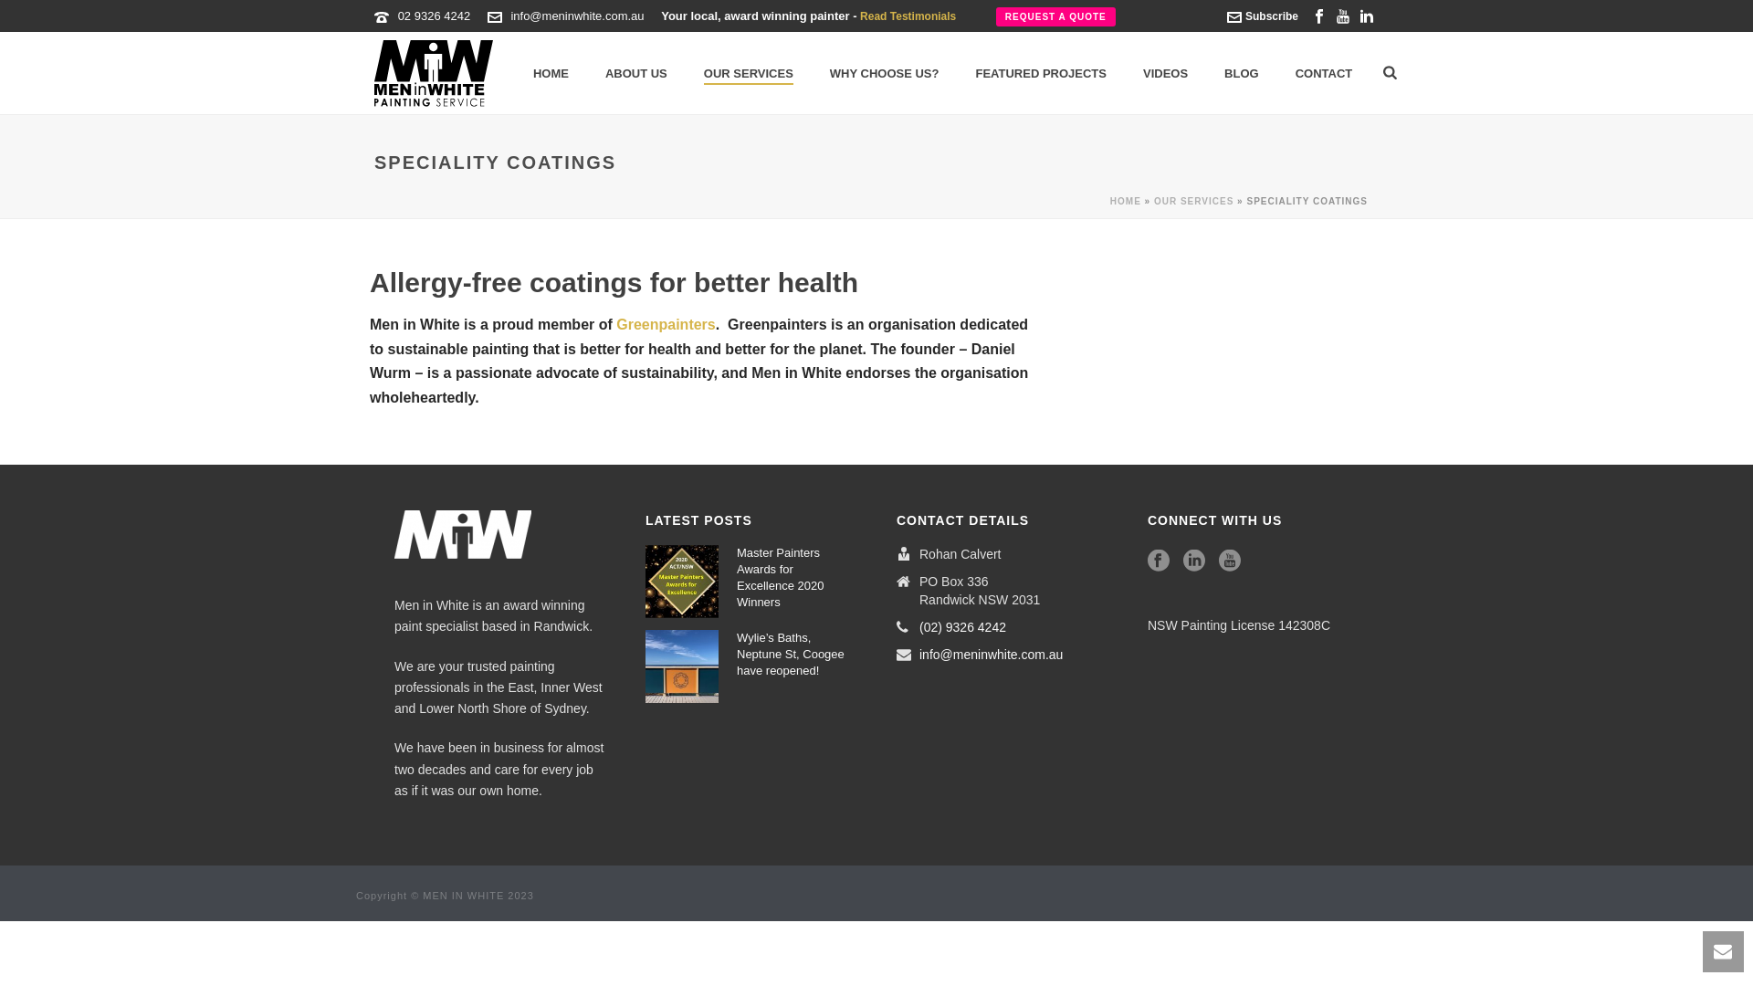 The width and height of the screenshot is (1753, 986). I want to click on 'BLOG', so click(1241, 73).